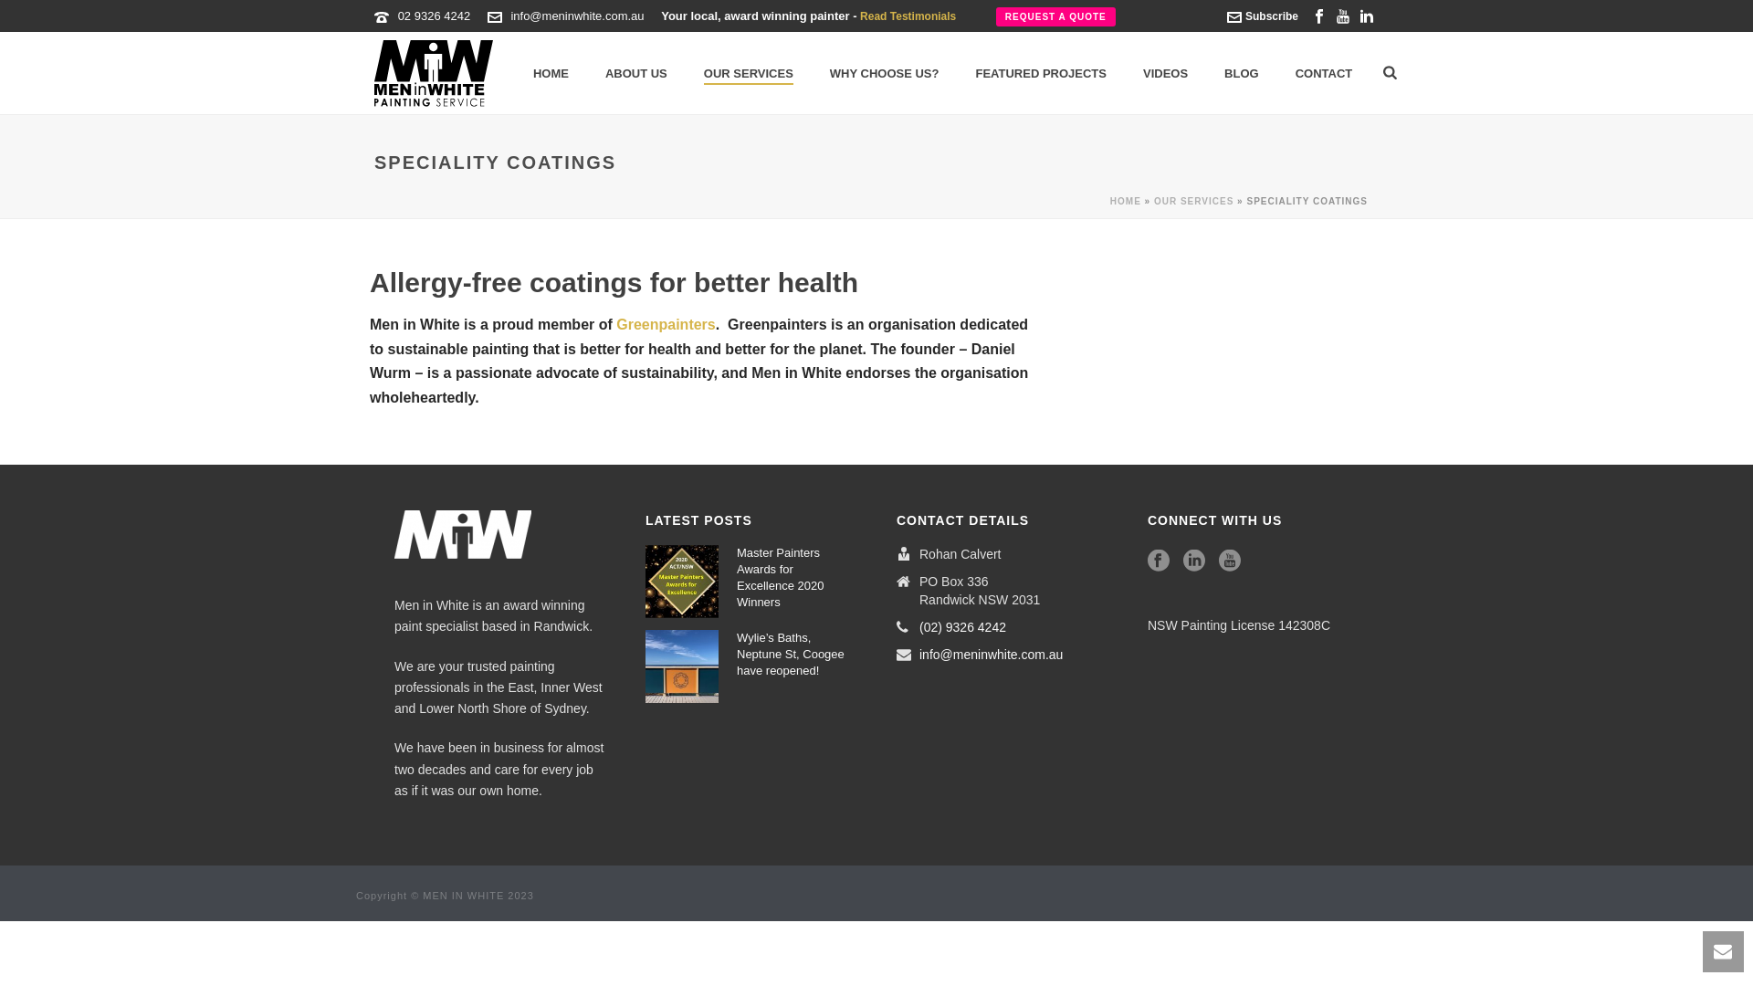 The width and height of the screenshot is (1753, 986). I want to click on 'BLOG', so click(1241, 73).